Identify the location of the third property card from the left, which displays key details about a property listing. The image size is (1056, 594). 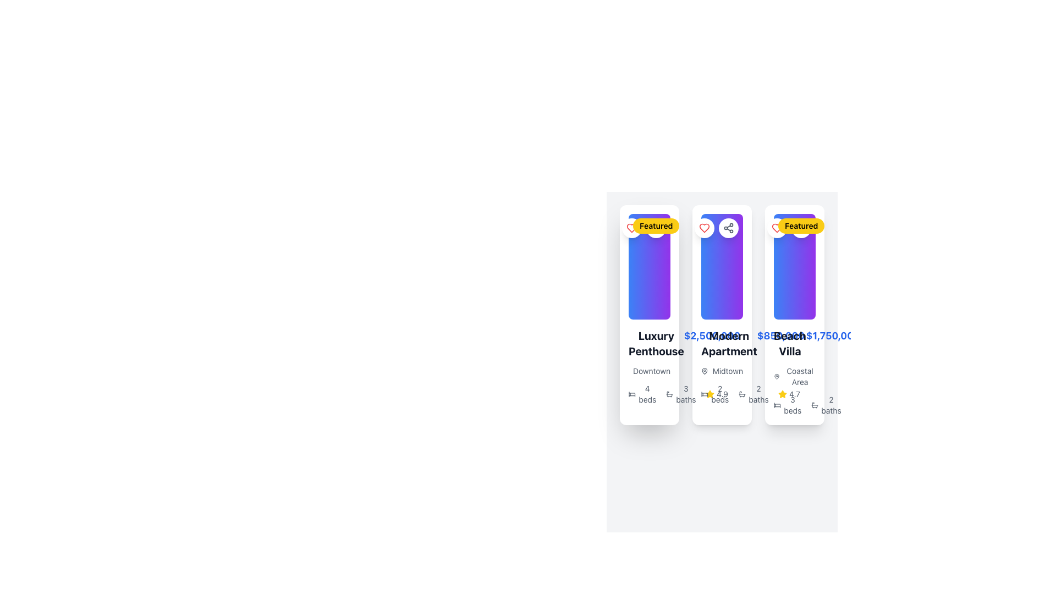
(794, 315).